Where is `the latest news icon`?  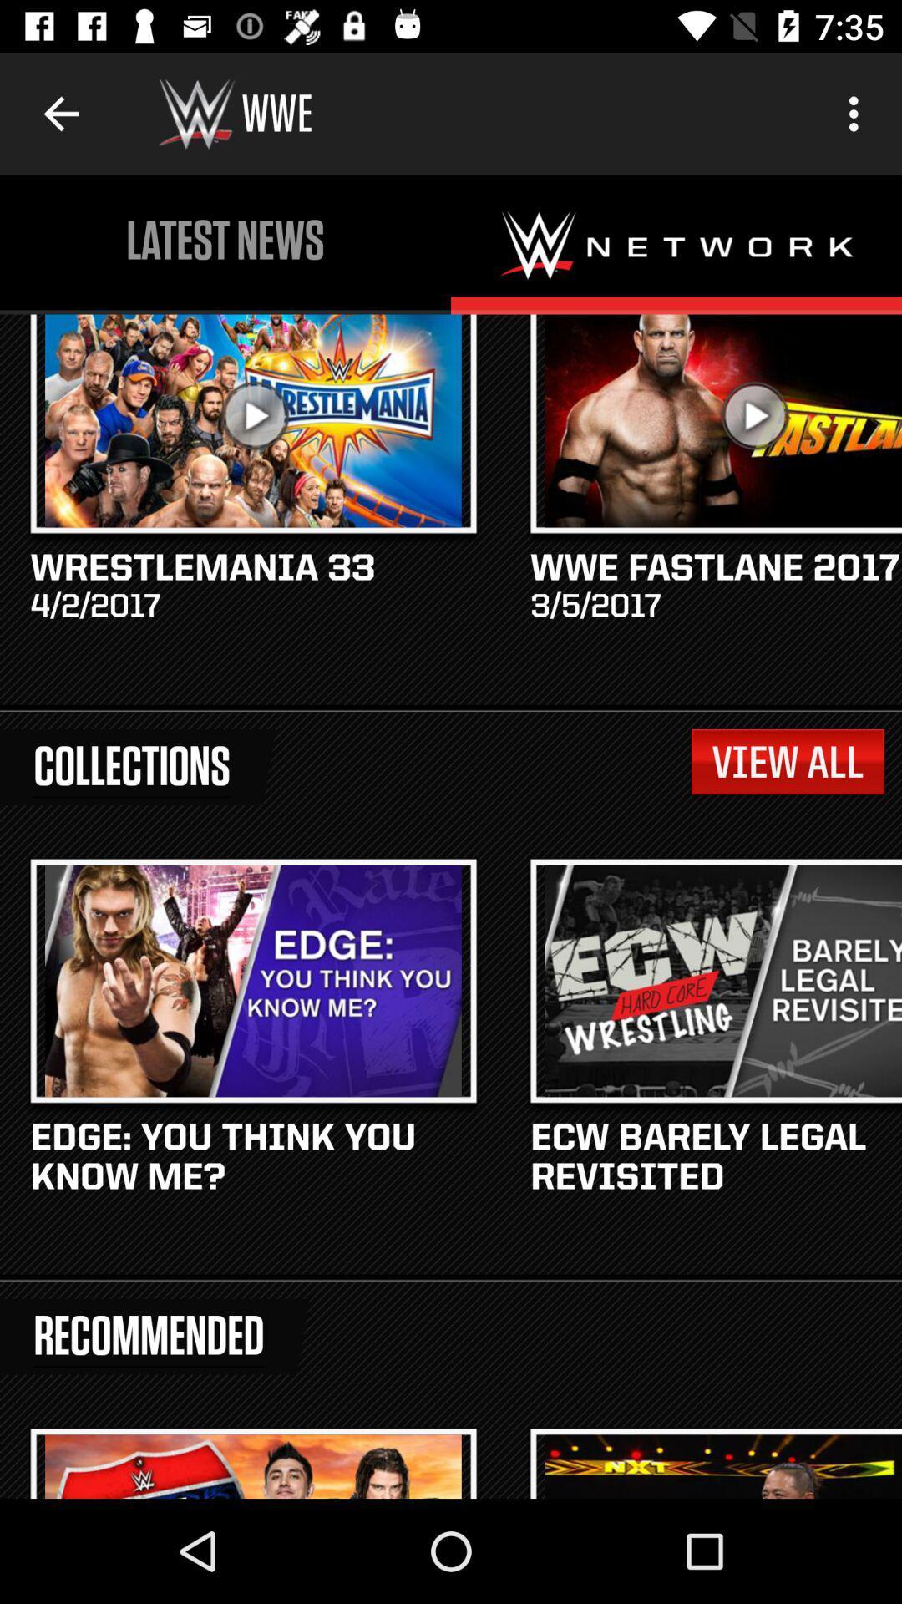
the latest news icon is located at coordinates (225, 240).